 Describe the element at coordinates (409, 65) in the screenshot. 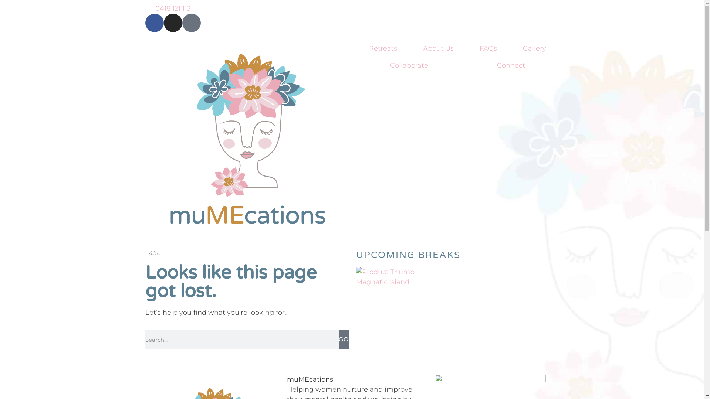

I see `'Collaborate'` at that location.